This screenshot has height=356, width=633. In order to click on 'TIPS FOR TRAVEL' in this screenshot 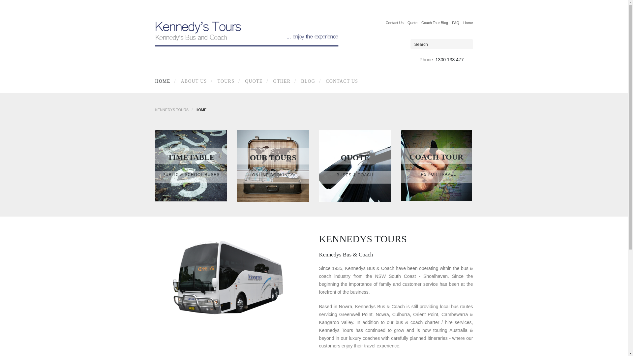, I will do `click(436, 174)`.